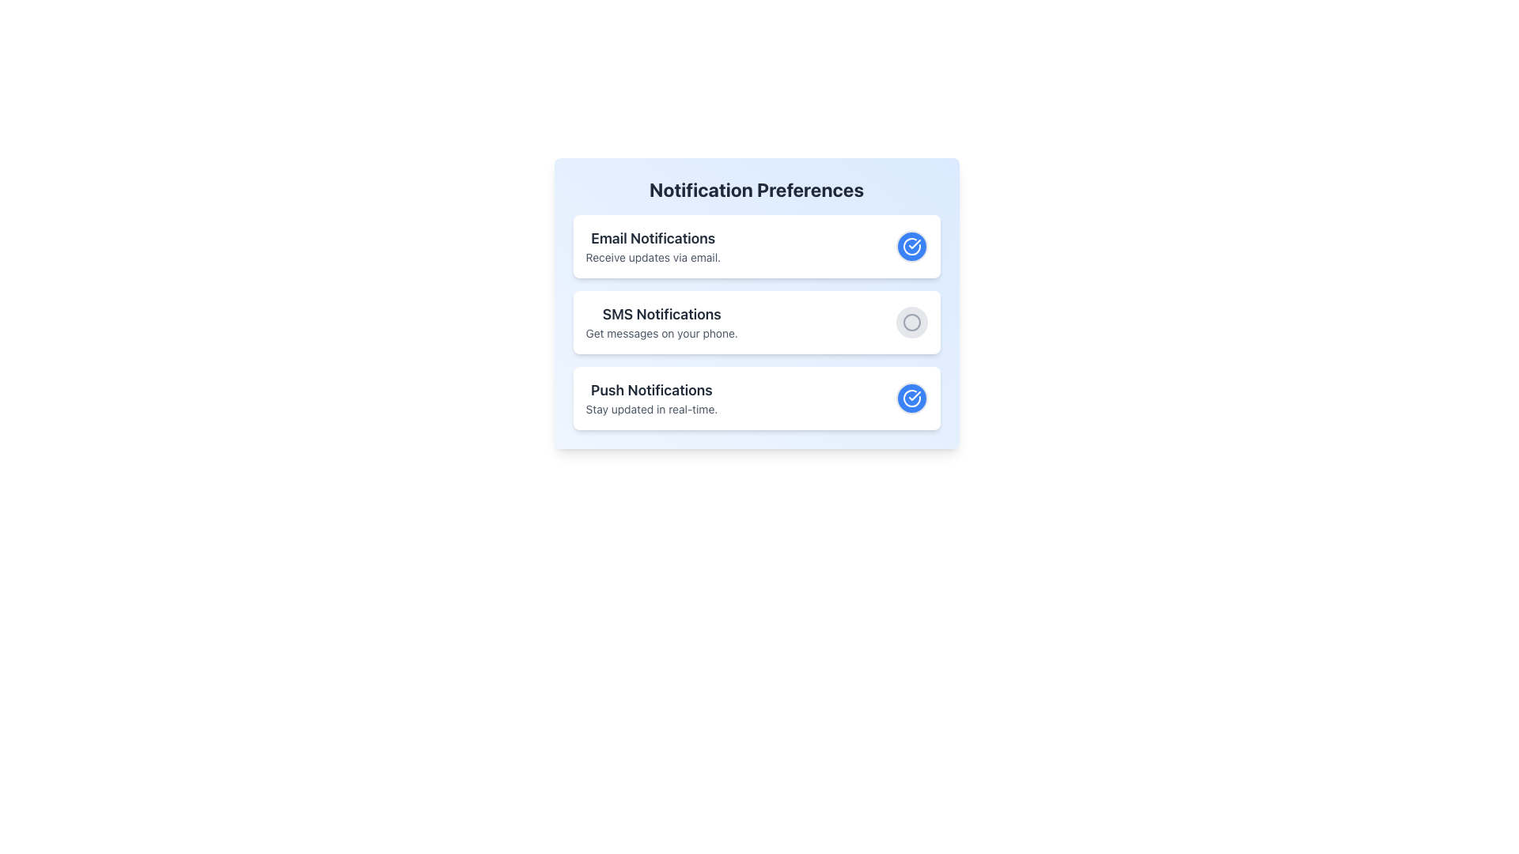  What do you see at coordinates (911, 398) in the screenshot?
I see `the toggle button for Push Notifications located at the far right of the Notification Preferences panel` at bounding box center [911, 398].